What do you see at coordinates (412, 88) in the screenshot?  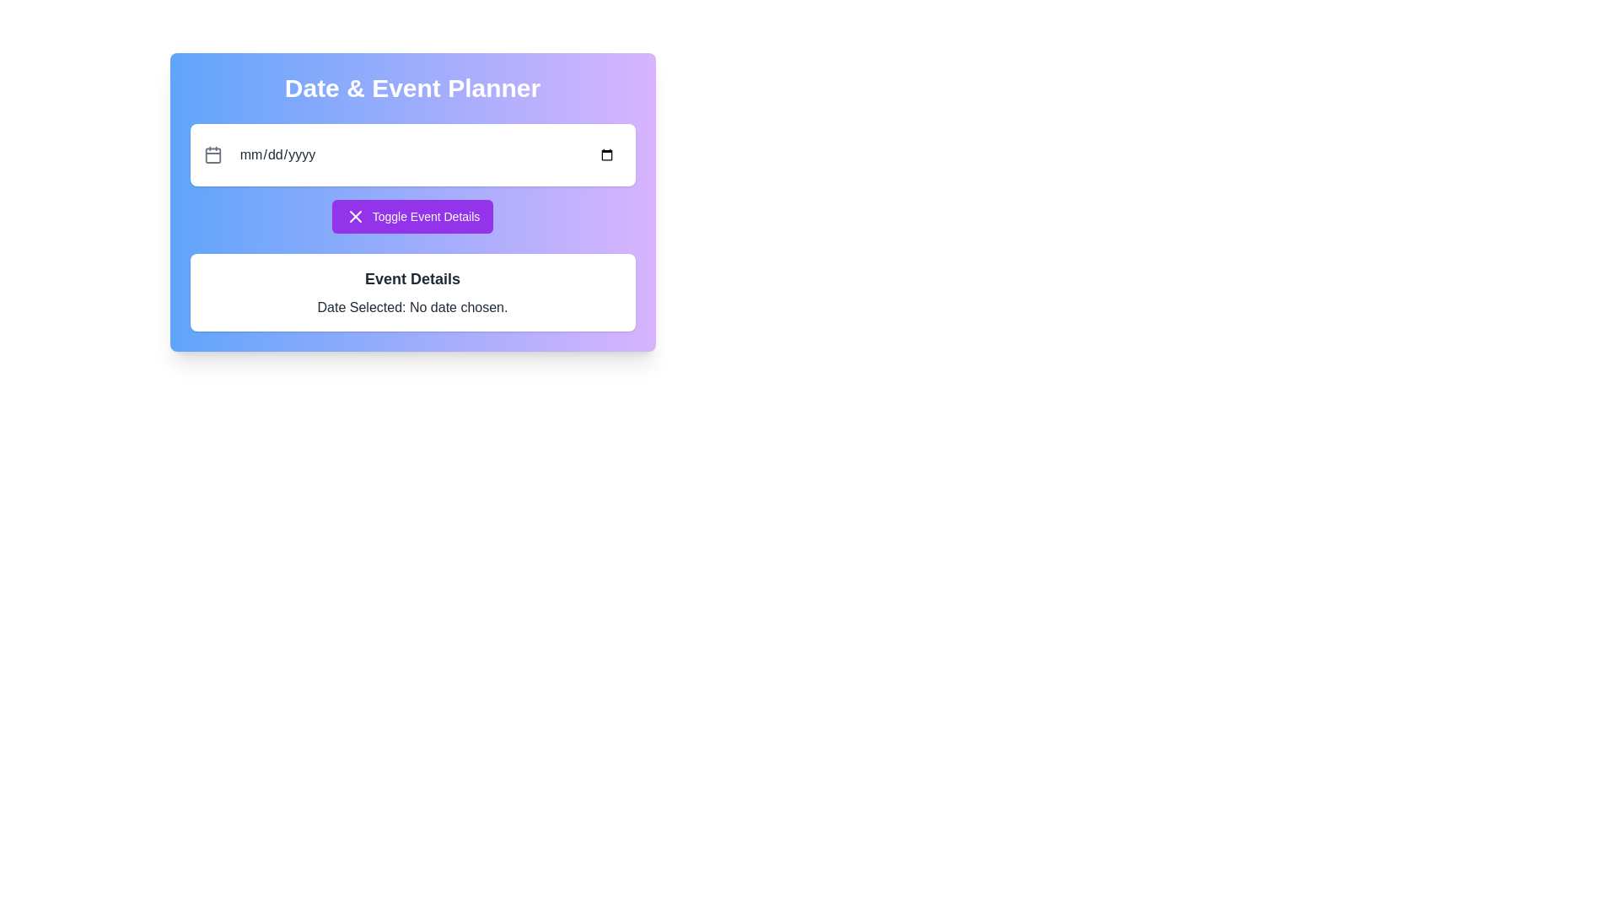 I see `the static text label which serves as the title or heading for the application, positioned at the top of the gradient-styled box` at bounding box center [412, 88].